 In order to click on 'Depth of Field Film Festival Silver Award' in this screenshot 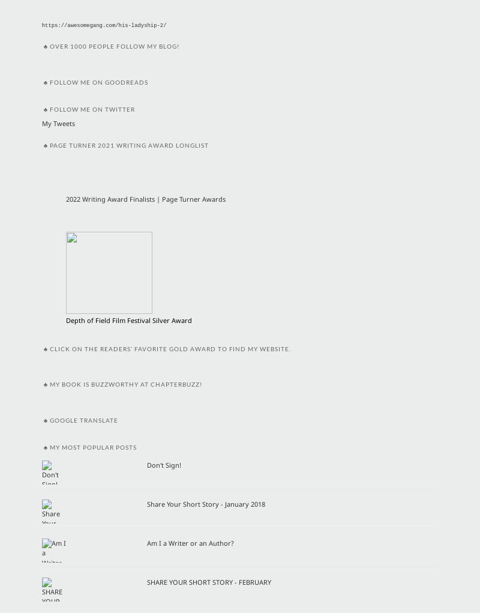, I will do `click(128, 319)`.